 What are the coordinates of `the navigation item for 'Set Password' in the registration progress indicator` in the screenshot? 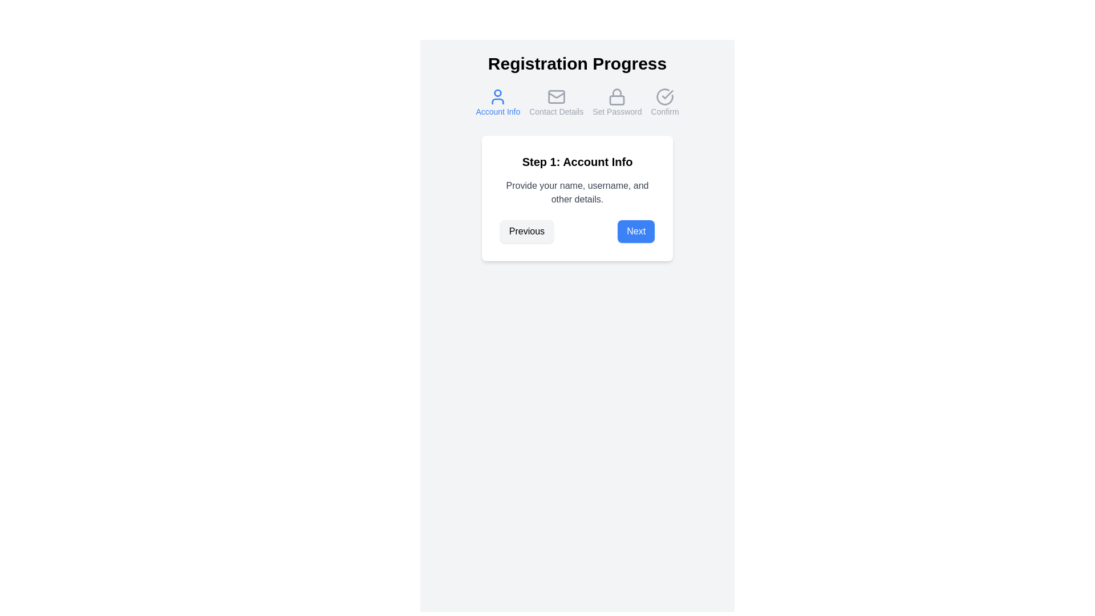 It's located at (617, 103).